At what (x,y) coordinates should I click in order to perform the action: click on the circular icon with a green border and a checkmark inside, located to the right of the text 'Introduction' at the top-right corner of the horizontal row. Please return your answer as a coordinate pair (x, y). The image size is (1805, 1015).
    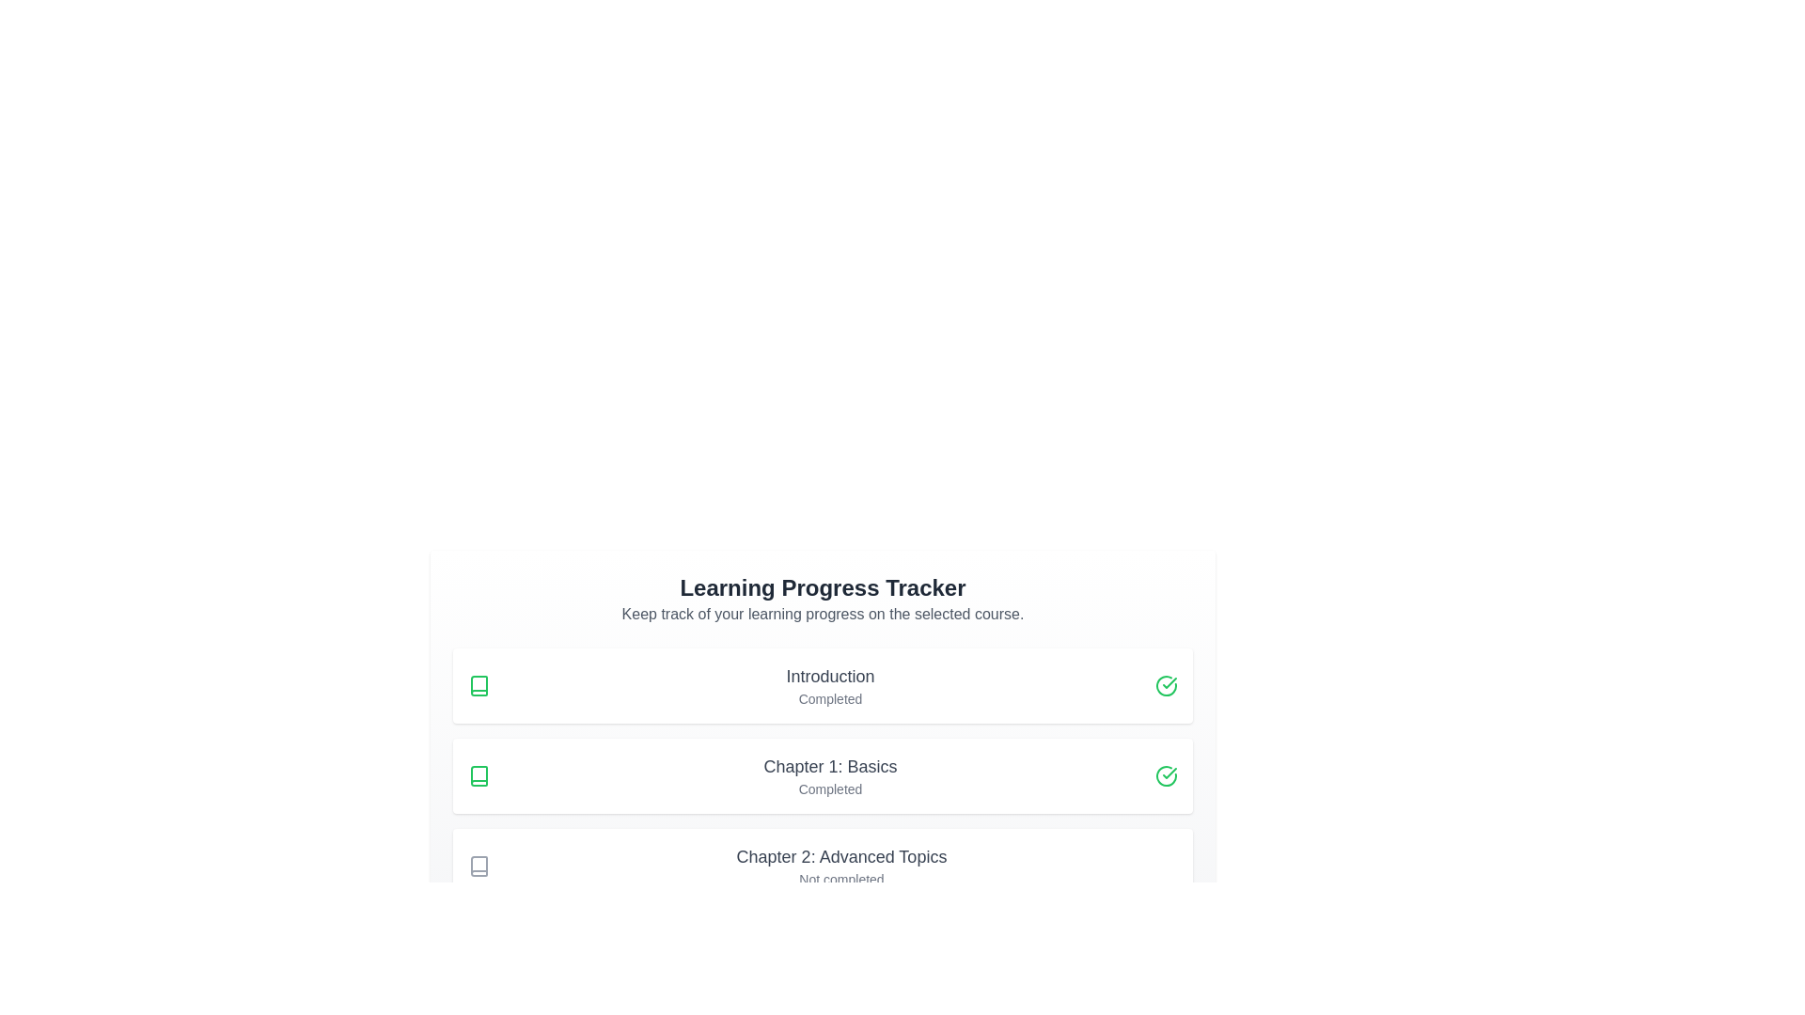
    Looking at the image, I should click on (1166, 685).